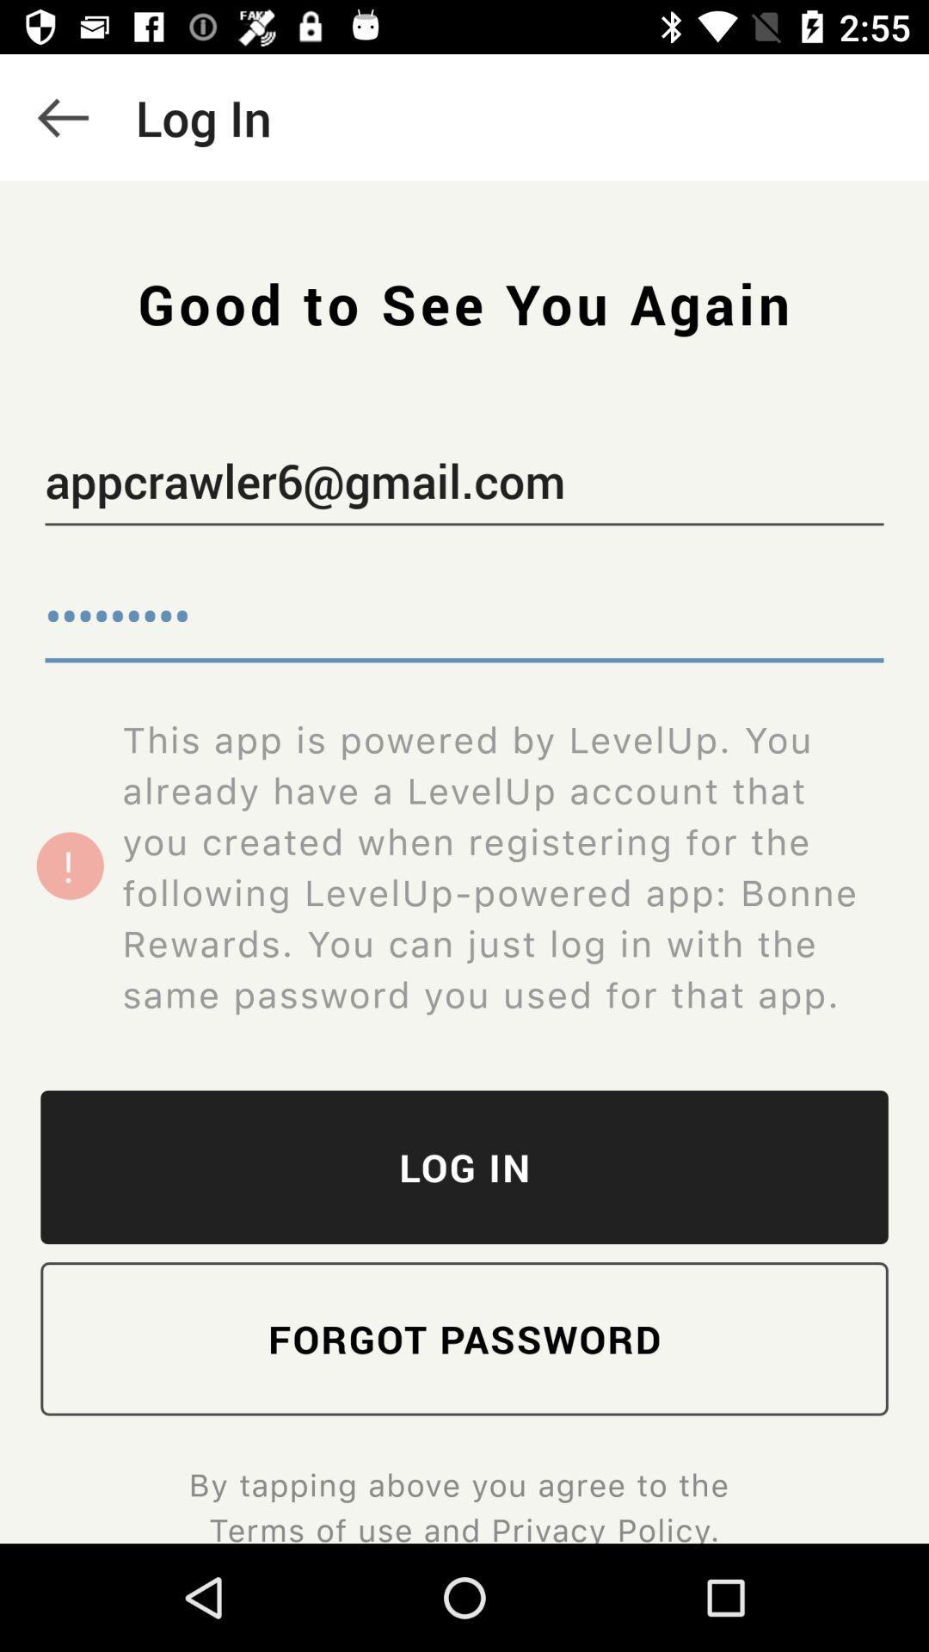 The image size is (929, 1652). What do you see at coordinates (464, 619) in the screenshot?
I see `the crowd3116` at bounding box center [464, 619].